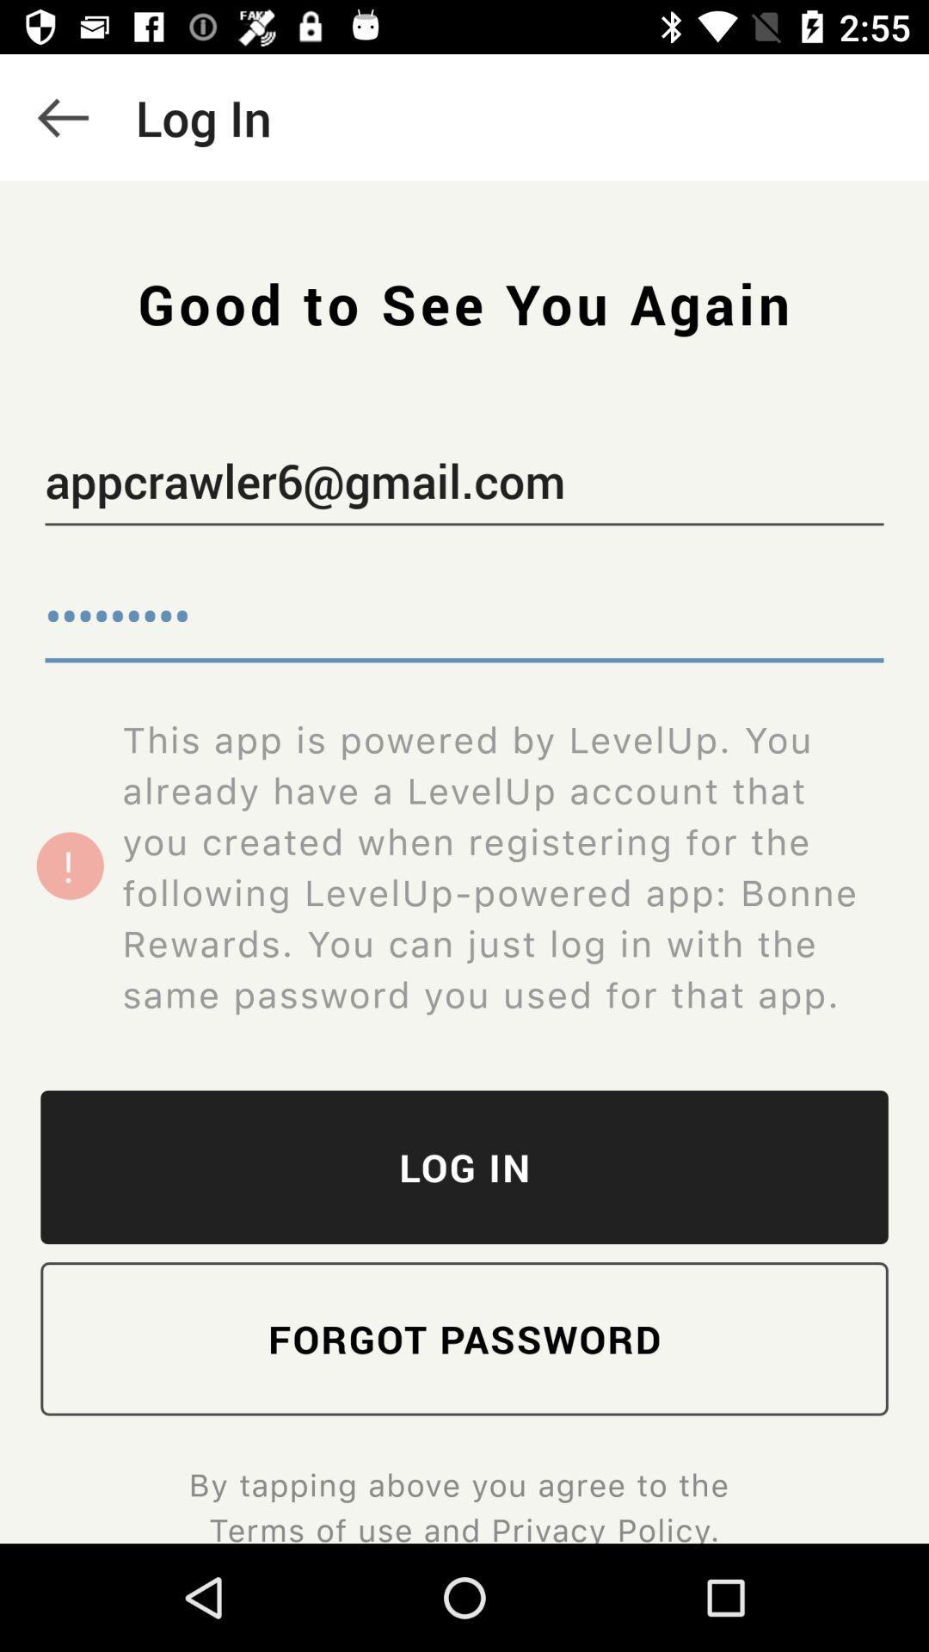 The image size is (929, 1652). What do you see at coordinates (464, 619) in the screenshot?
I see `the crowd3116` at bounding box center [464, 619].